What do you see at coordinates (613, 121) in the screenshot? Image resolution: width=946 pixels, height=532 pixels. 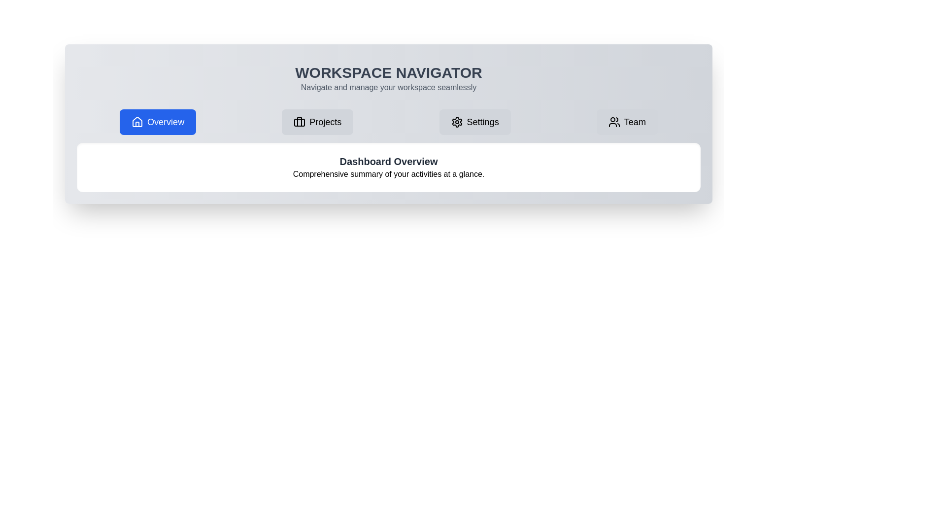 I see `the leftmost graphical icon inside the 'Team' navigation button located in the top-right corner of the interface's top navigation bar` at bounding box center [613, 121].